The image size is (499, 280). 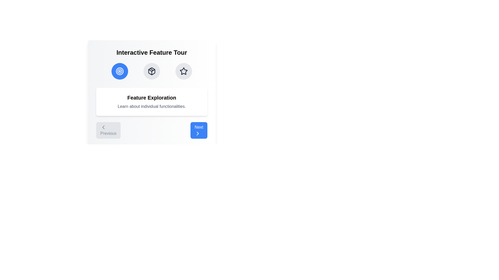 I want to click on the circular button with a star-shaped symbol, so click(x=183, y=71).